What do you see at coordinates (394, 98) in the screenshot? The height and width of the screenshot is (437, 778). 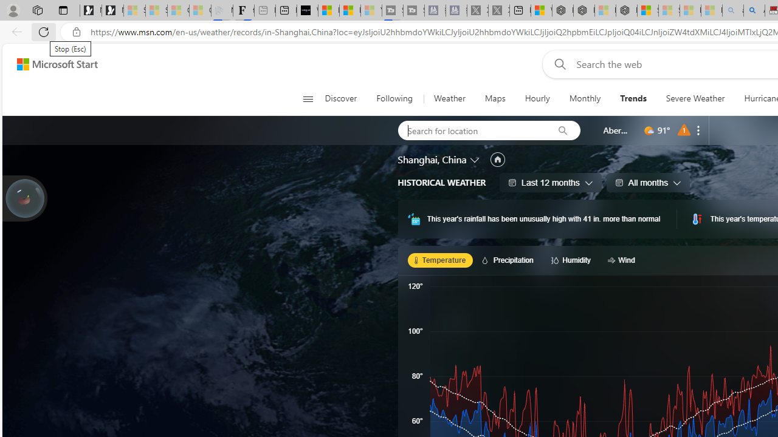 I see `'Following'` at bounding box center [394, 98].